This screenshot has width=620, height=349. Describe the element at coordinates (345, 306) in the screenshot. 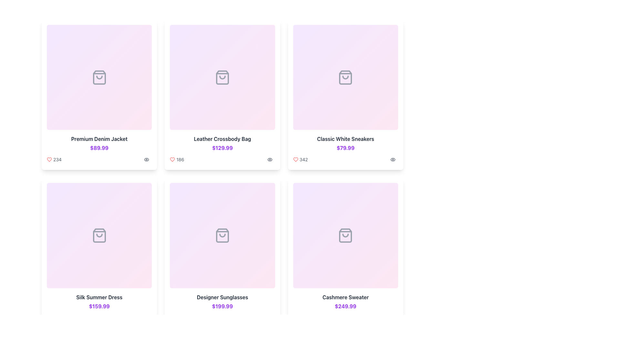

I see `the price text label for the 'Cashmere Sweater' product, which is located at the bottom section of its card, directly below the product name` at that location.